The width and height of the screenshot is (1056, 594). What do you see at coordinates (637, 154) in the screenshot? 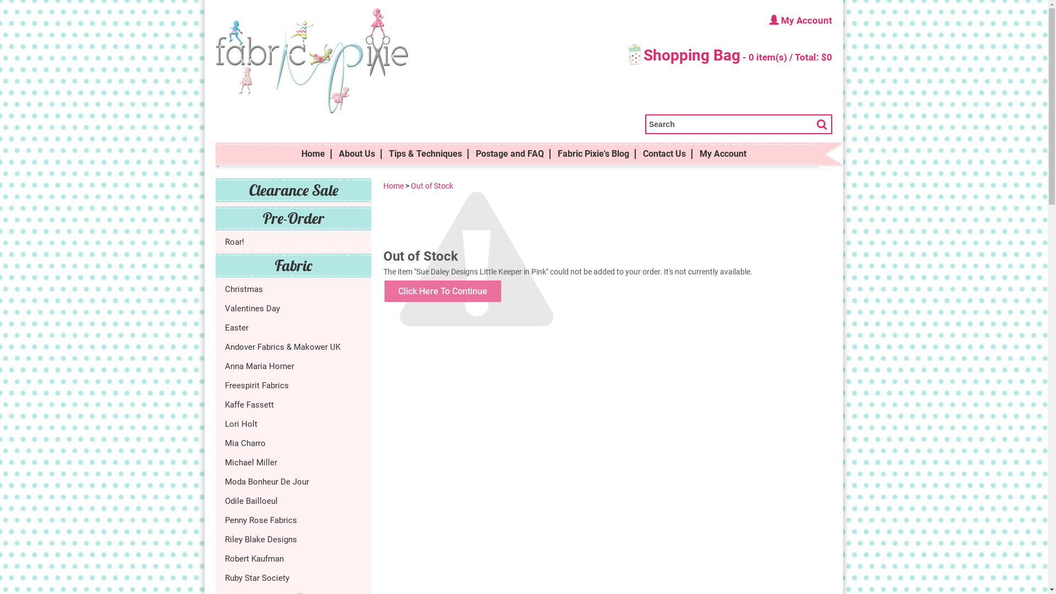
I see `'Contact Us'` at bounding box center [637, 154].